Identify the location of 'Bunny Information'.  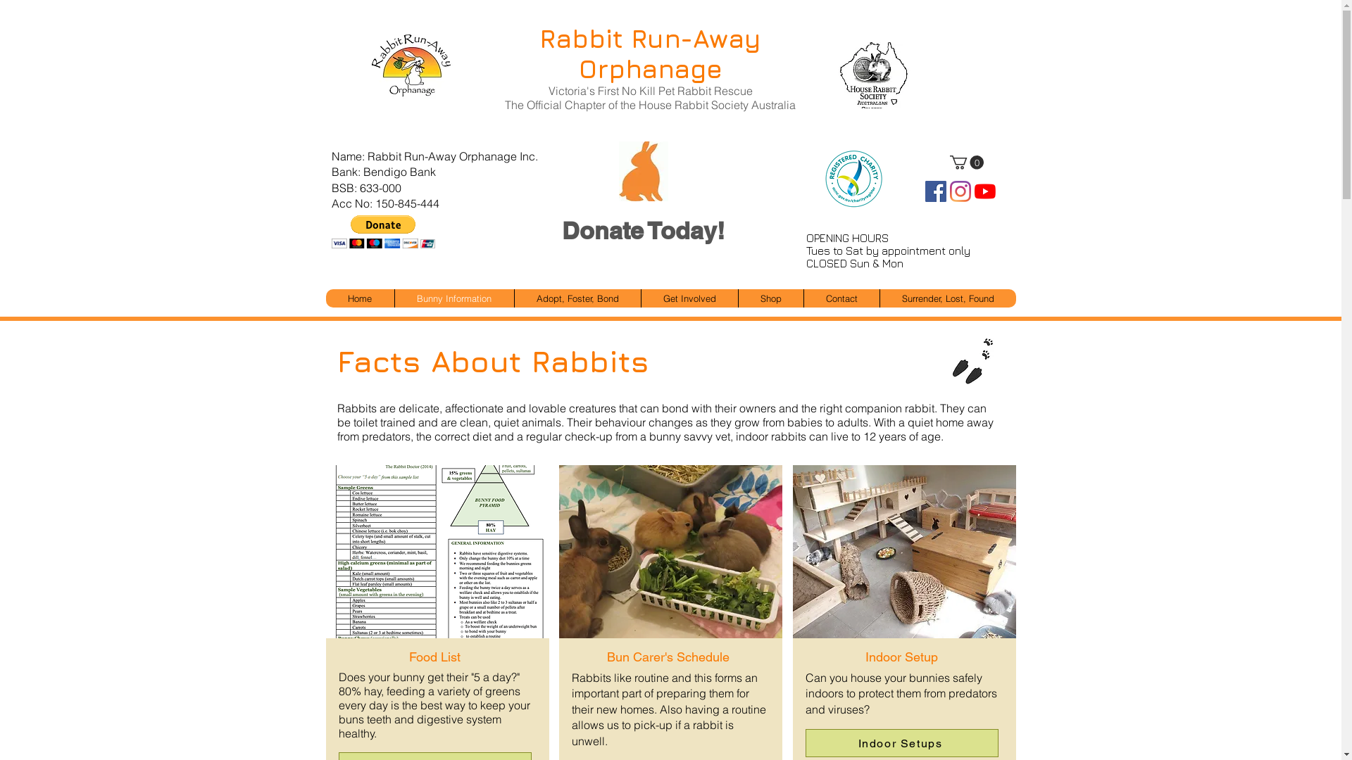
(453, 298).